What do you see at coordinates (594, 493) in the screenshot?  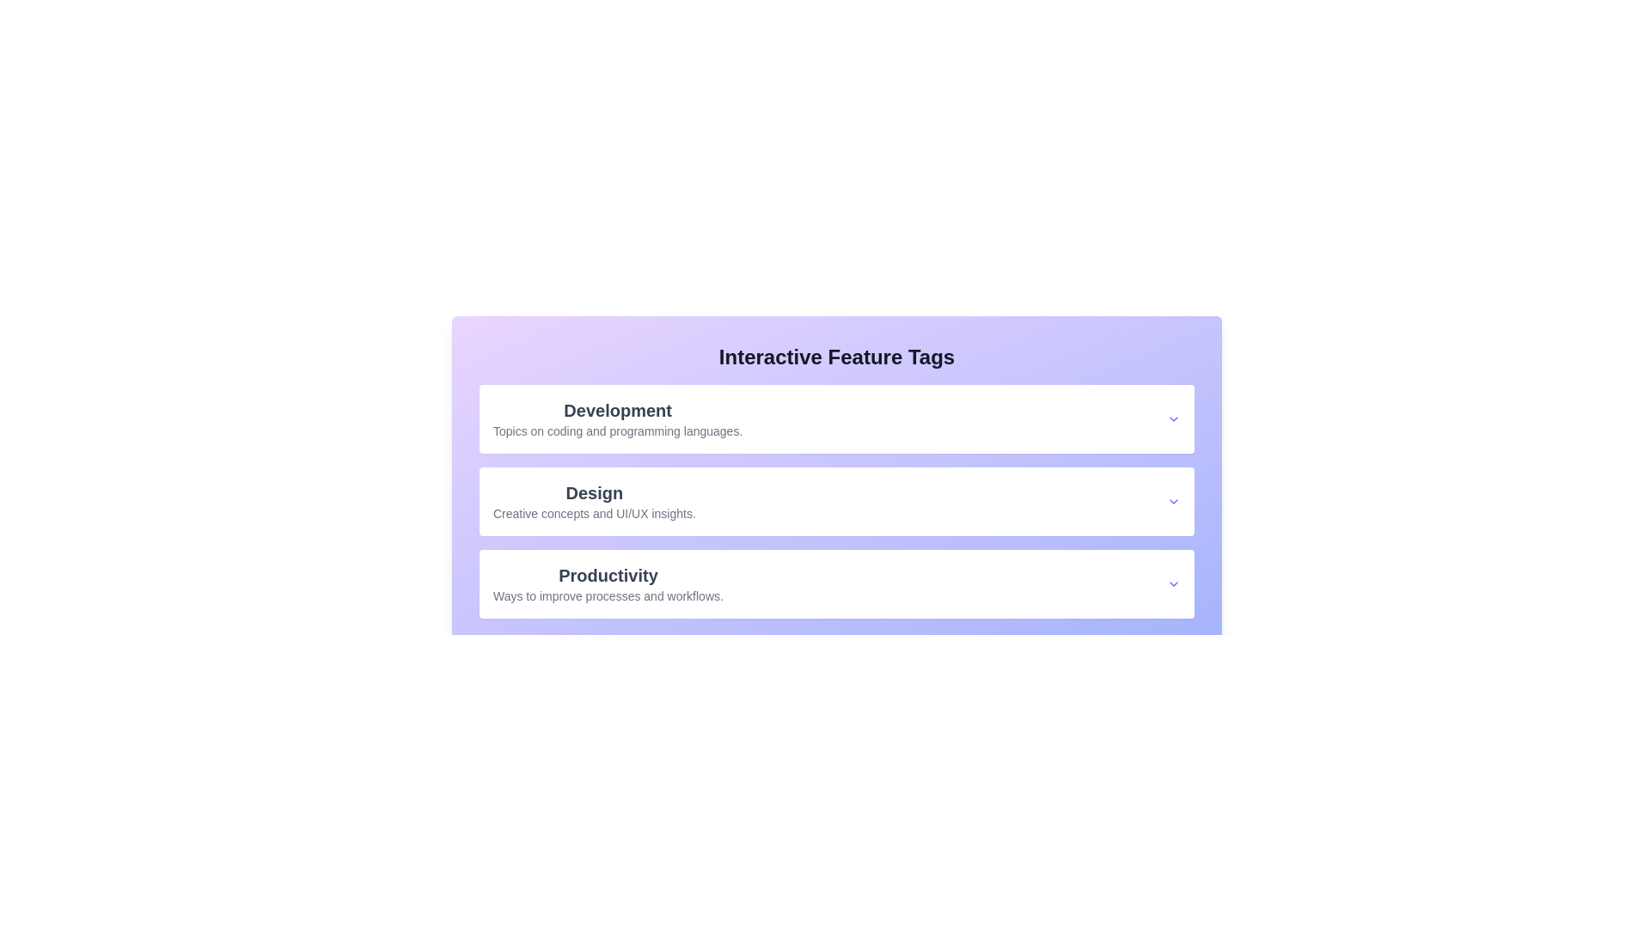 I see `the title heading text element labeled 'Design', which is positioned centrally in the interface above the 'Productivity' section` at bounding box center [594, 493].